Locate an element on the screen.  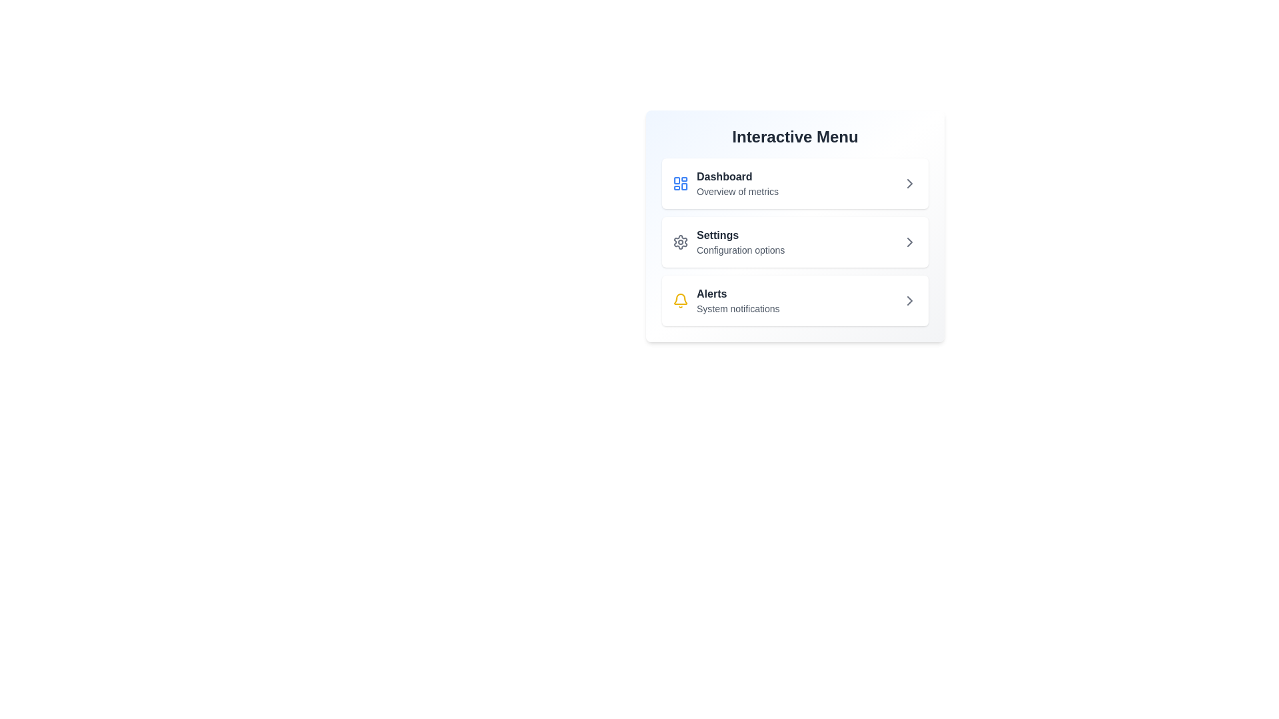
the text label displaying 'Configuration options', which is styled with small-sized, gray-colored text and located directly beneath the 'Settings' label in the second section of the interactive menu is located at coordinates (740, 250).